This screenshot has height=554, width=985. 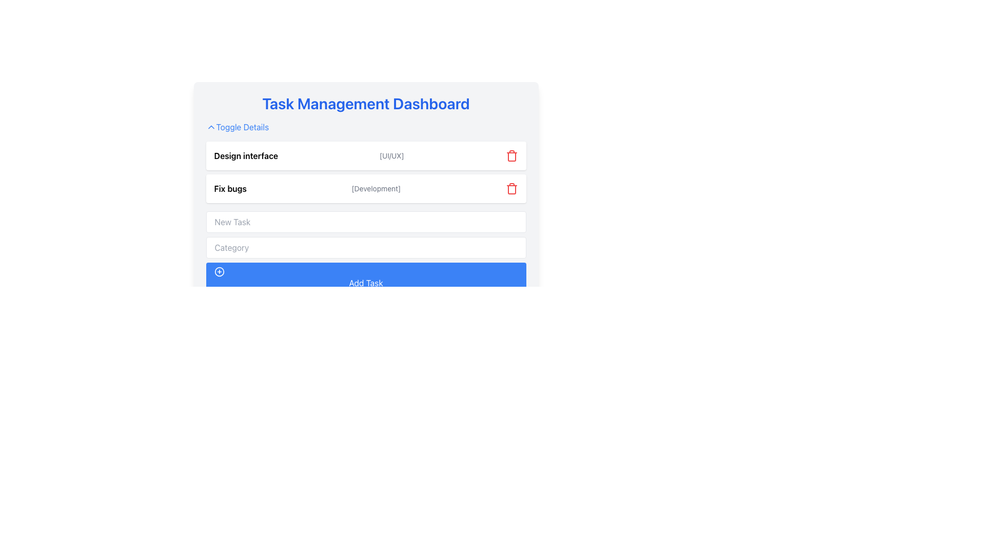 I want to click on the Text header indicating the task title, which is located above the task 'Fix bugs' and to the left of '[UI/UX]', so click(x=245, y=156).